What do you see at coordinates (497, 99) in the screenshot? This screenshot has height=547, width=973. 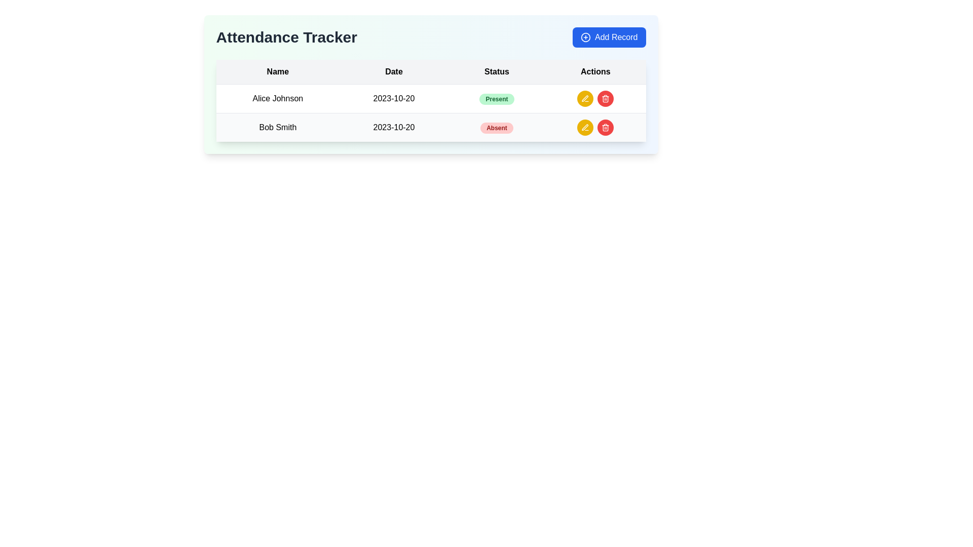 I see `the attendance status indicator for 'Alice Johnson' marked as 'Present' in the Status column of the attendance table` at bounding box center [497, 99].